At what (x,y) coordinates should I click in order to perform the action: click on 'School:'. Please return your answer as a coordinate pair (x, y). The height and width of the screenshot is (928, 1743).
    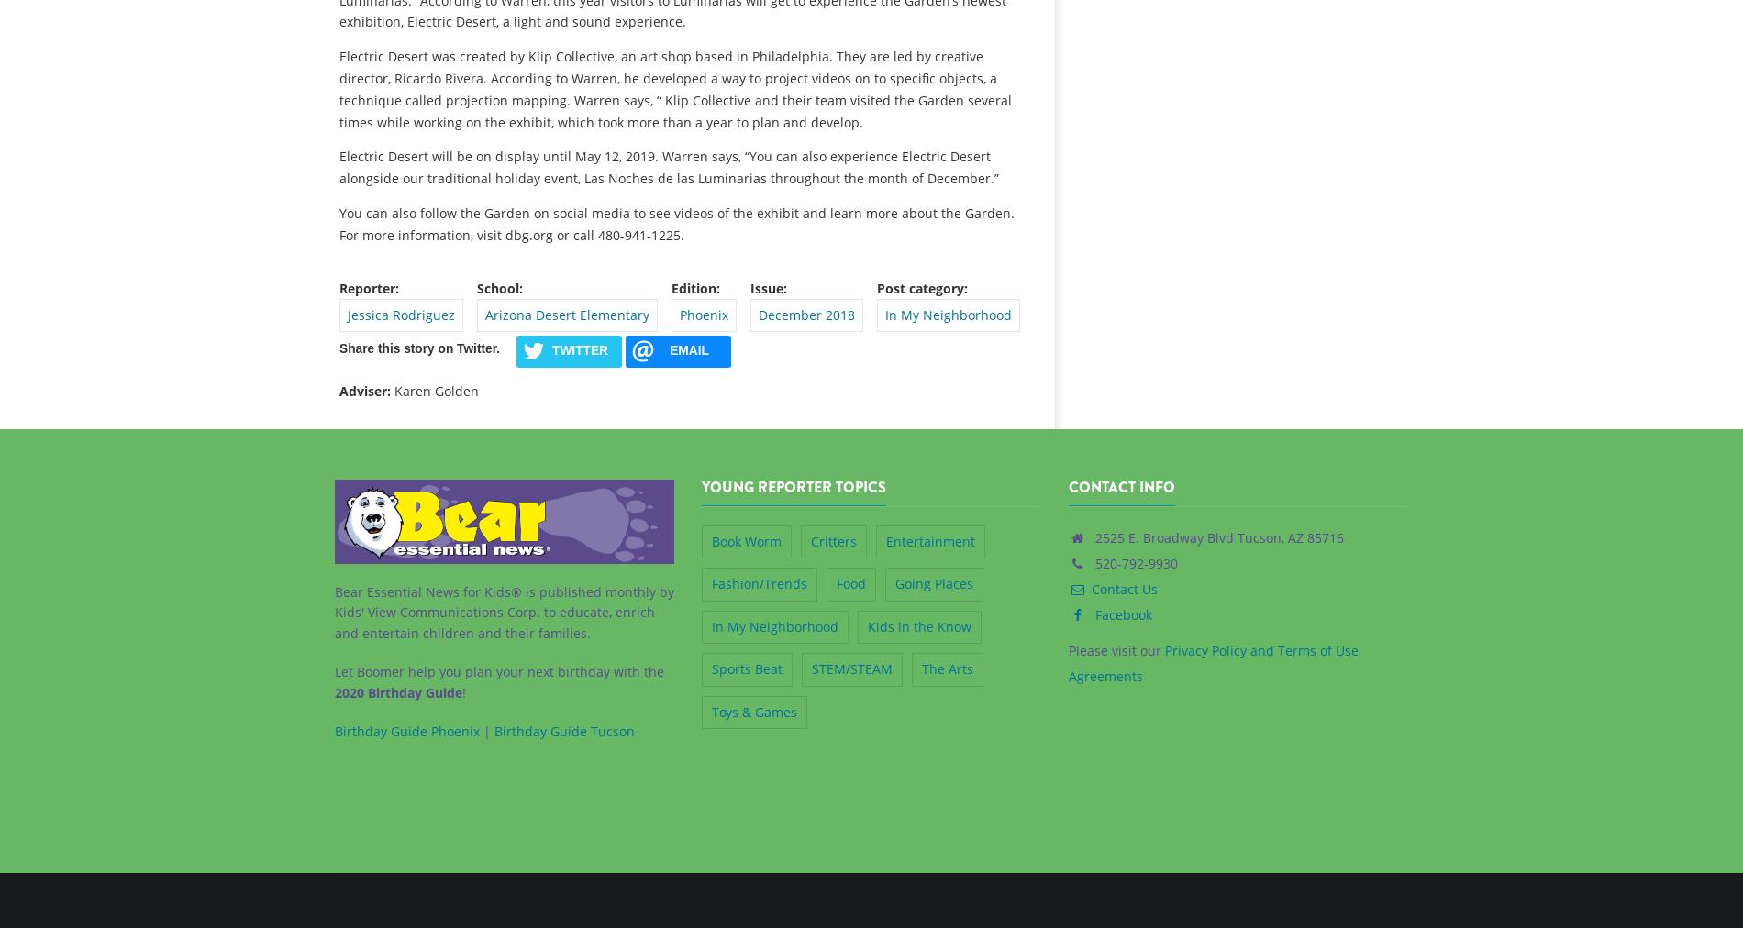
    Looking at the image, I should click on (477, 286).